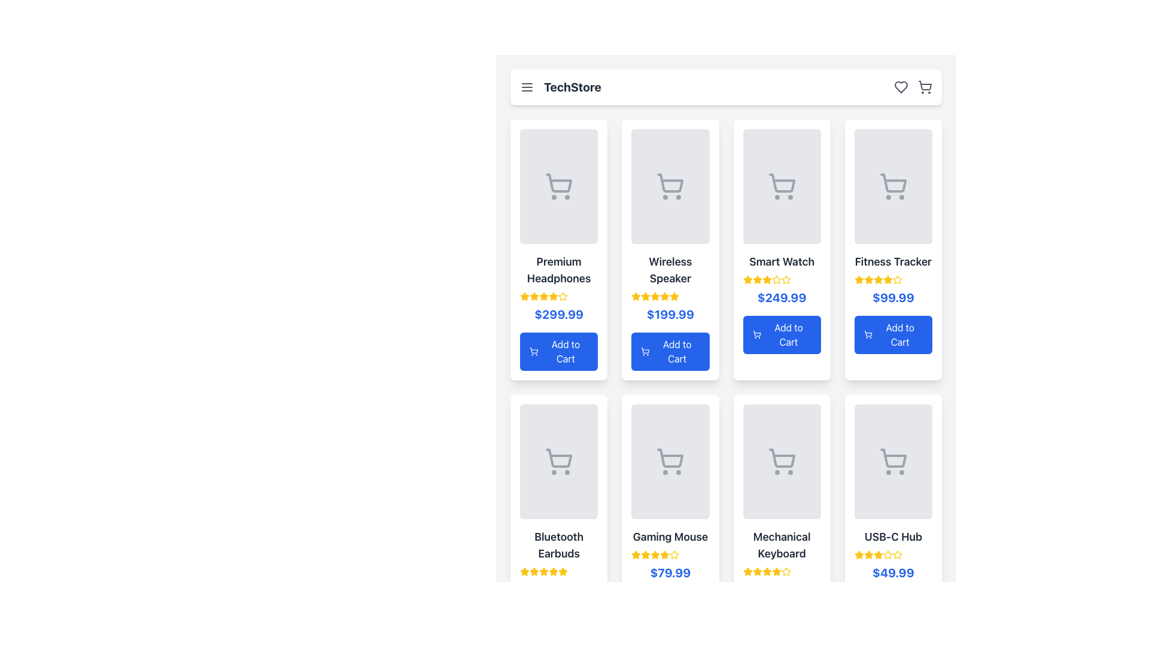 The image size is (1149, 646). What do you see at coordinates (868, 279) in the screenshot?
I see `the second star icon in the rating section of the 'Fitness Tracker' card, which is styled with a yellow fill` at bounding box center [868, 279].